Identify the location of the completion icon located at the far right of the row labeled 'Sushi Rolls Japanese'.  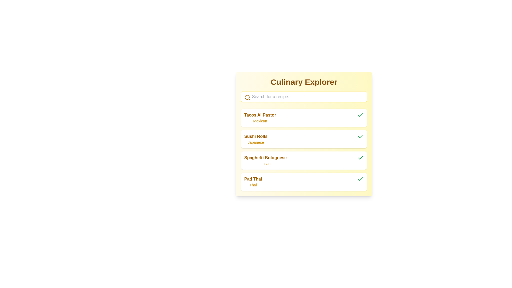
(361, 136).